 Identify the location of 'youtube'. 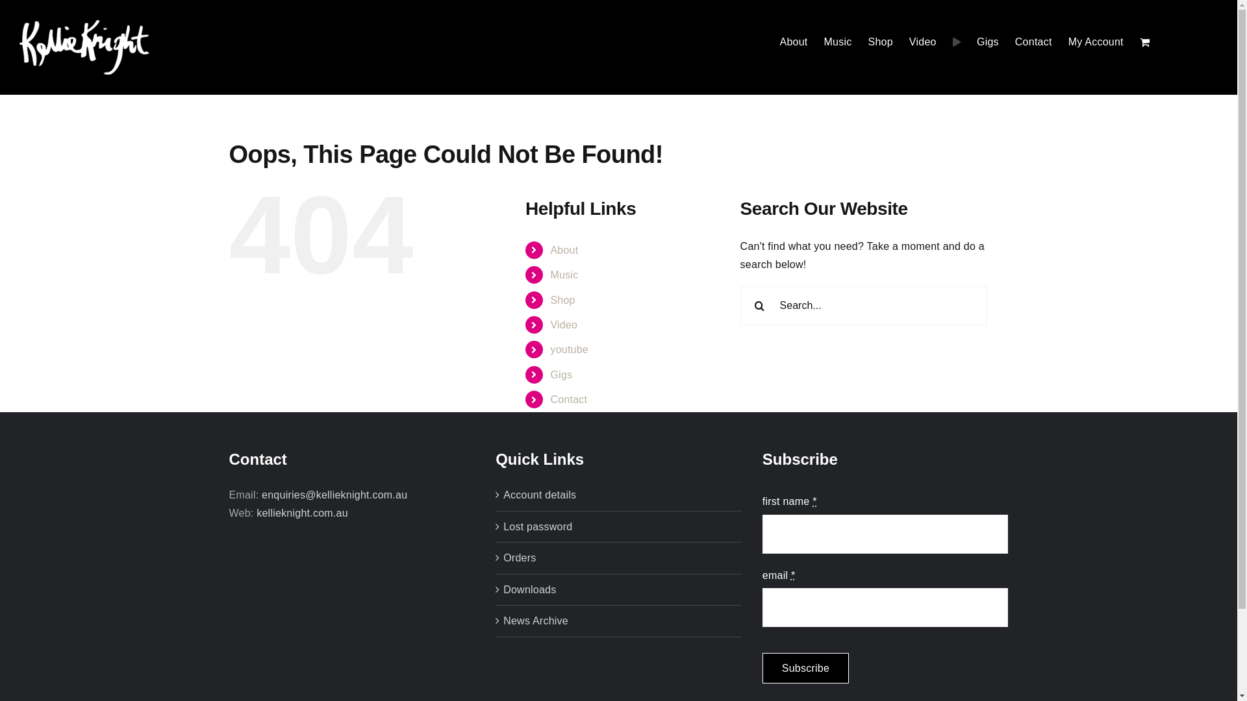
(569, 349).